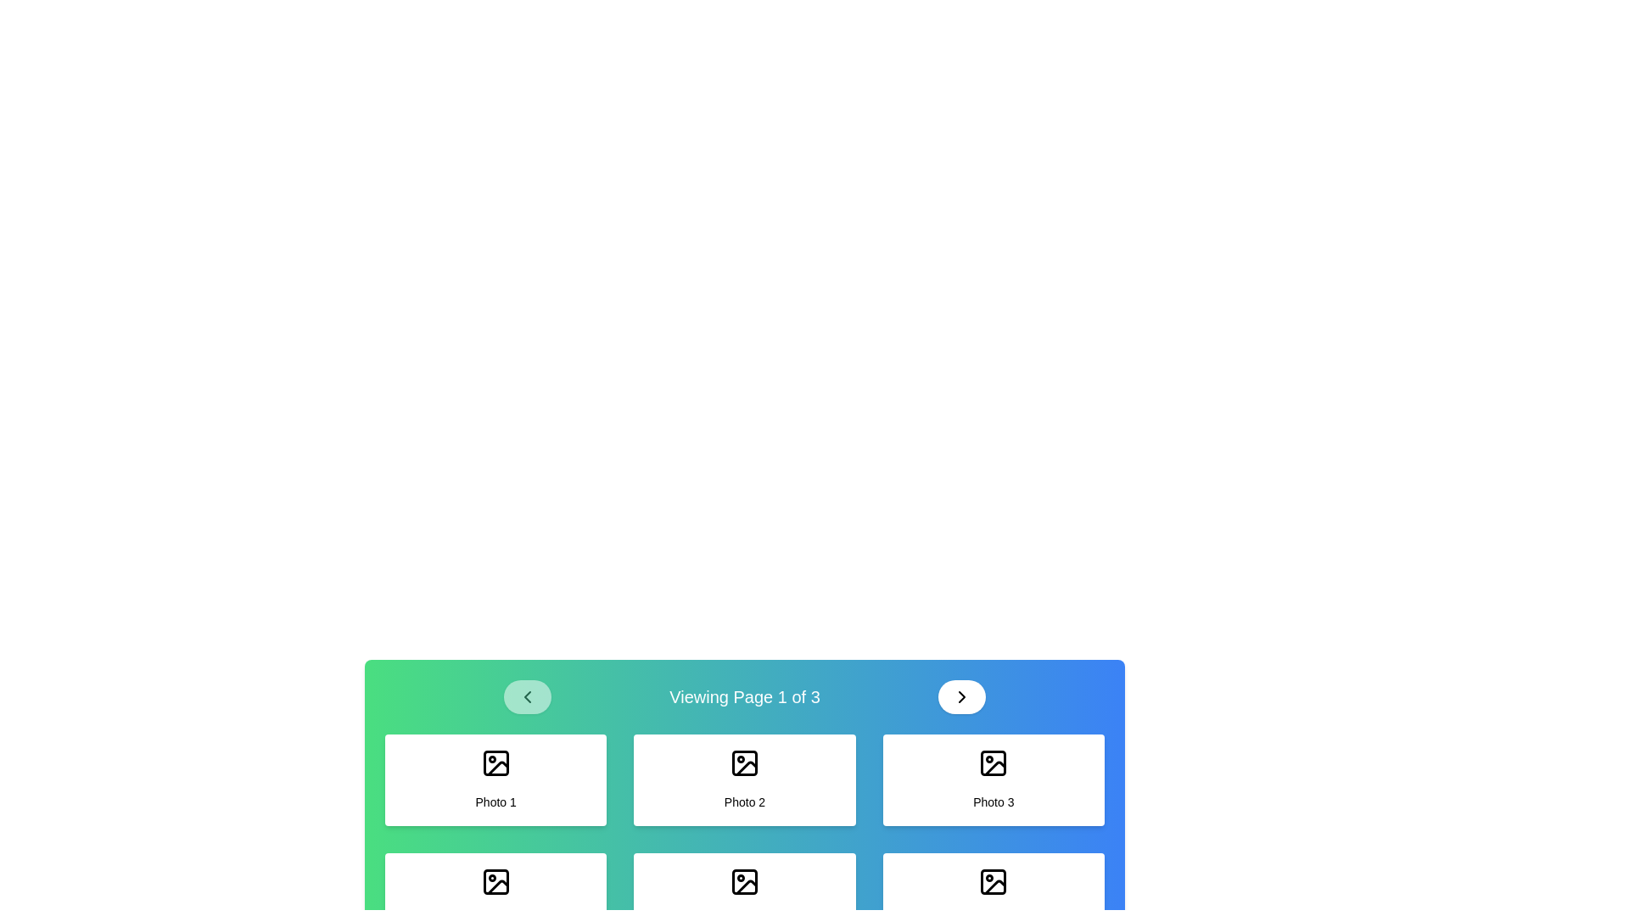  I want to click on the square line-art photo icon located in the center card labeled 'Photo 2' on a white background, so click(745, 762).